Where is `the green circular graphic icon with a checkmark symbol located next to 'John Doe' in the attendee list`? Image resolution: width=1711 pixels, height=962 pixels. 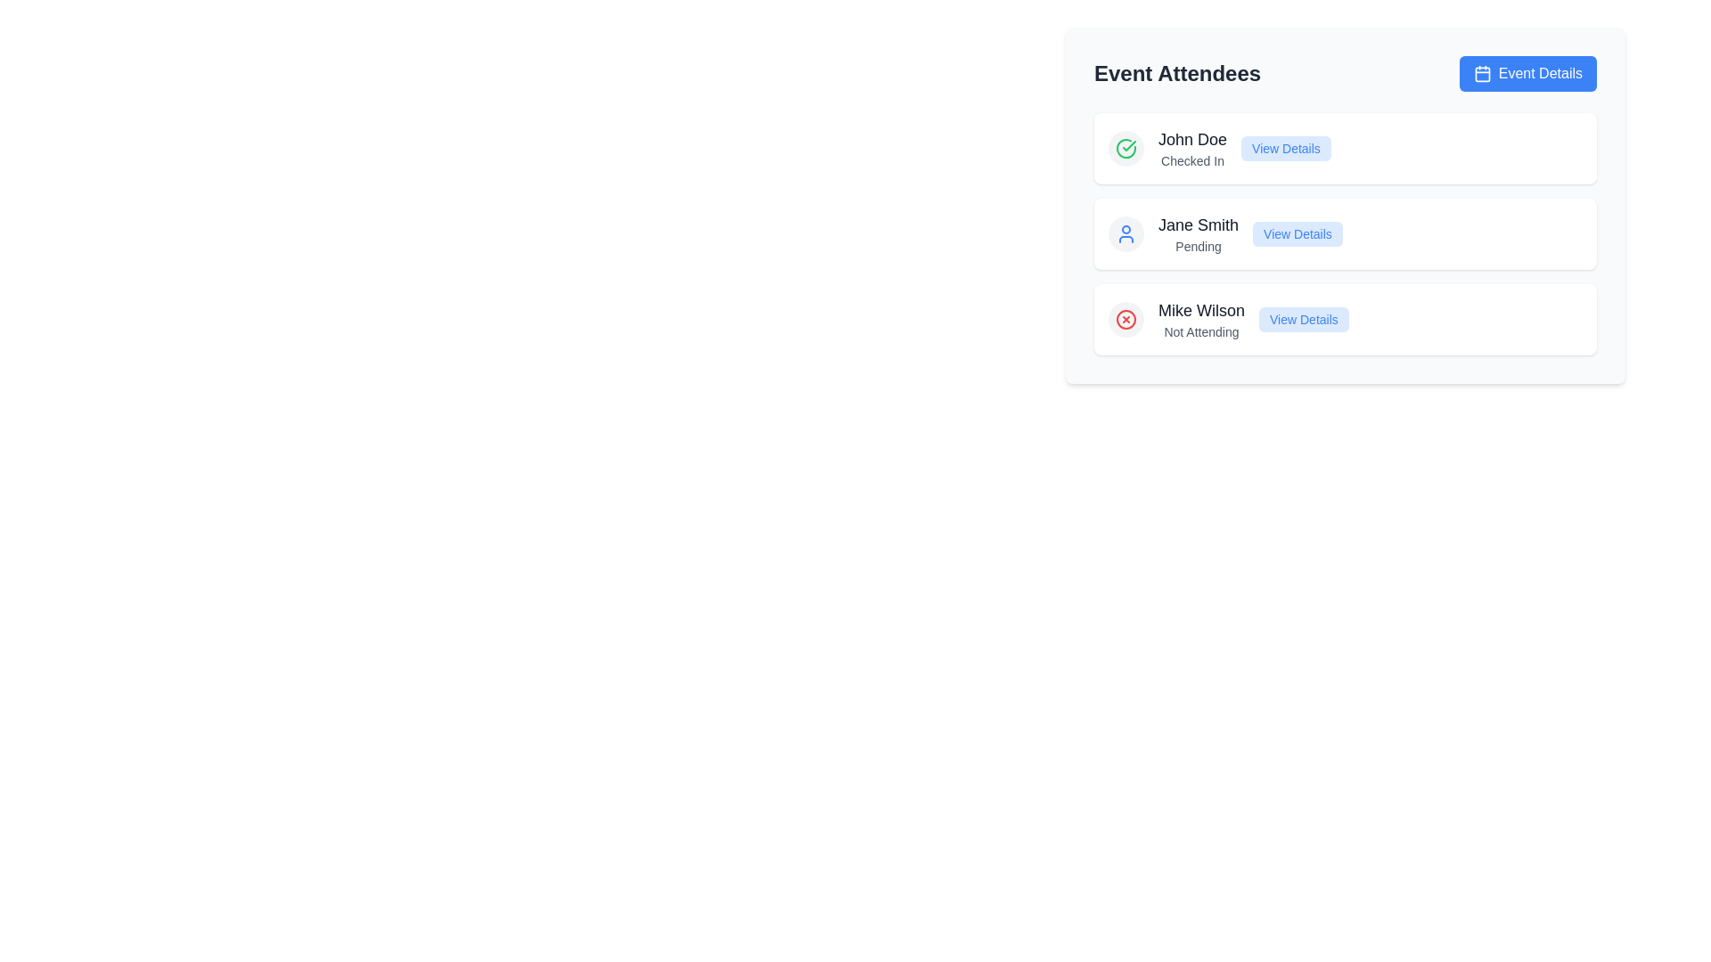 the green circular graphic icon with a checkmark symbol located next to 'John Doe' in the attendee list is located at coordinates (1125, 147).